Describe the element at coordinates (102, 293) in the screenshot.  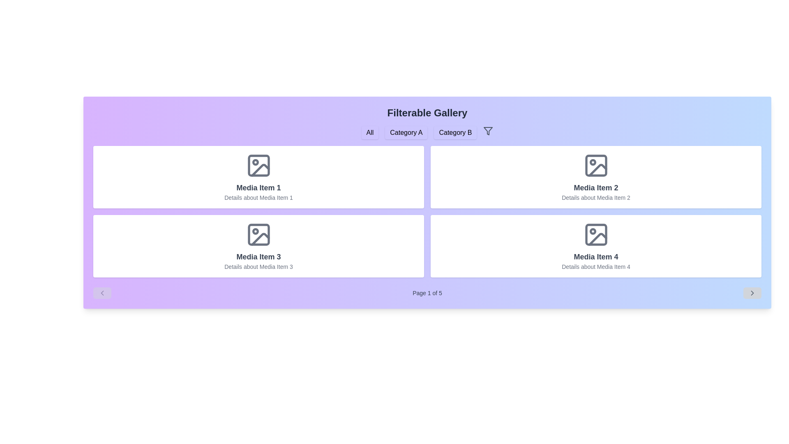
I see `the button with an embedded icon located at the bottom left corner of the interface` at that location.